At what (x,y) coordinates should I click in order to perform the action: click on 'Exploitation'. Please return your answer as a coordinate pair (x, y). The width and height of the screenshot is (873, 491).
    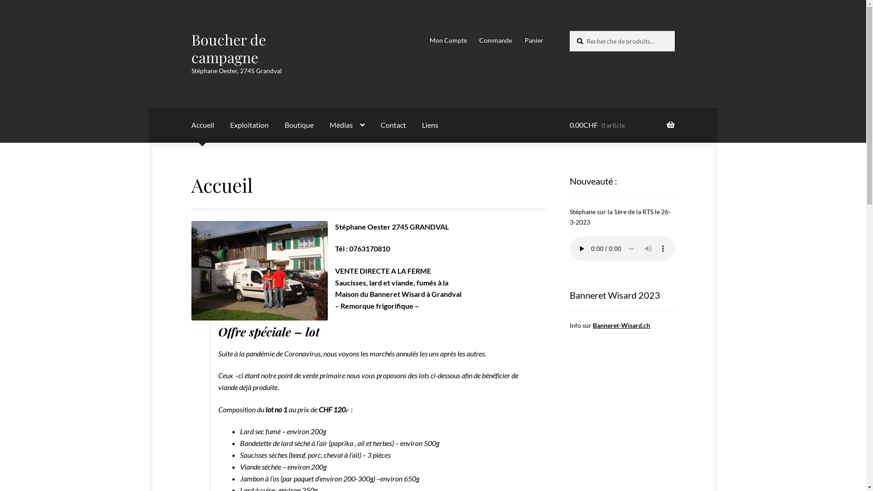
    Looking at the image, I should click on (249, 125).